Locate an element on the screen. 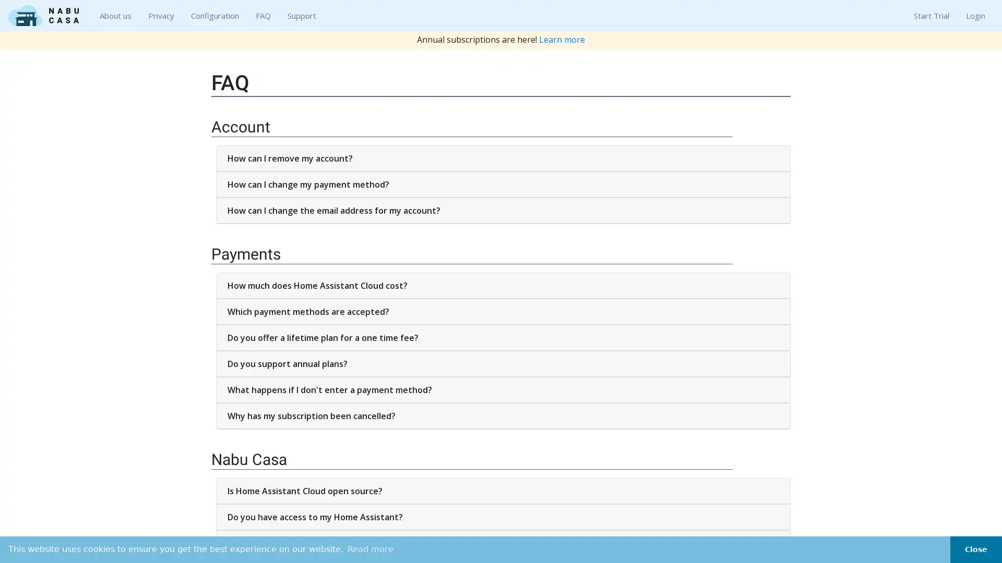 This screenshot has height=563, width=1002. How can I change the email address for my account? is located at coordinates (503, 211).